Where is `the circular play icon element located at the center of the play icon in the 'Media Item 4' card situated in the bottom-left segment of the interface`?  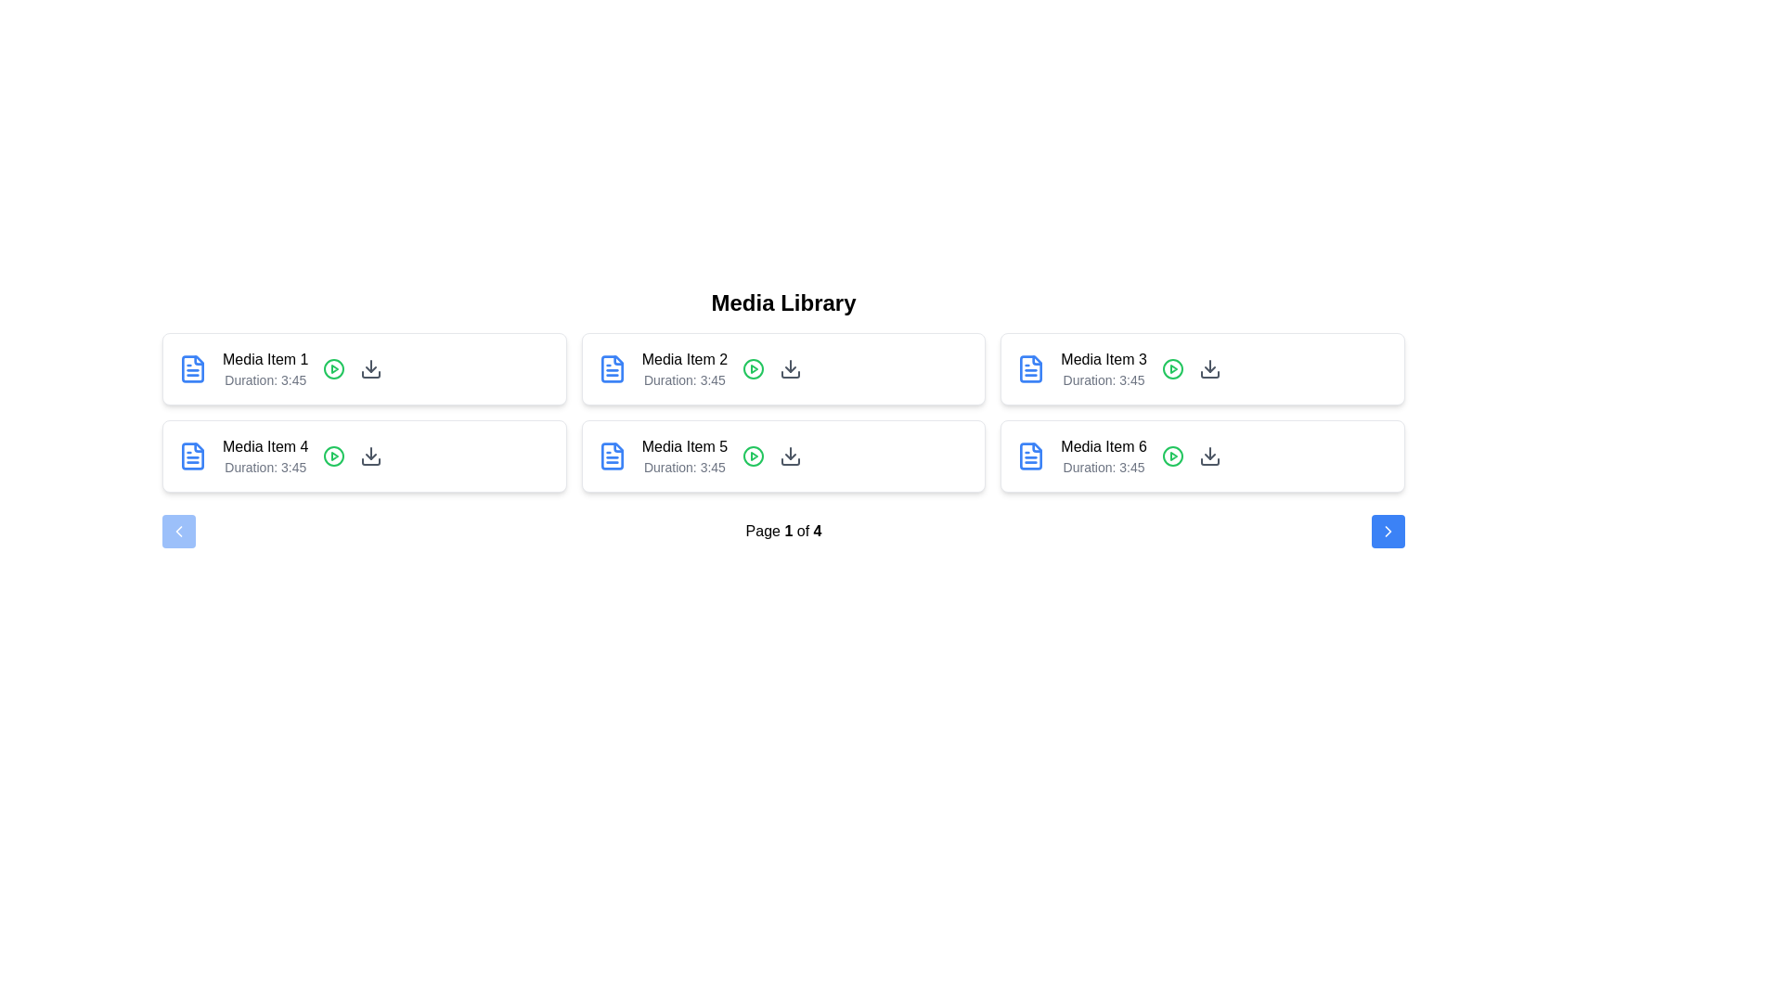 the circular play icon element located at the center of the play icon in the 'Media Item 4' card situated in the bottom-left segment of the interface is located at coordinates (334, 456).